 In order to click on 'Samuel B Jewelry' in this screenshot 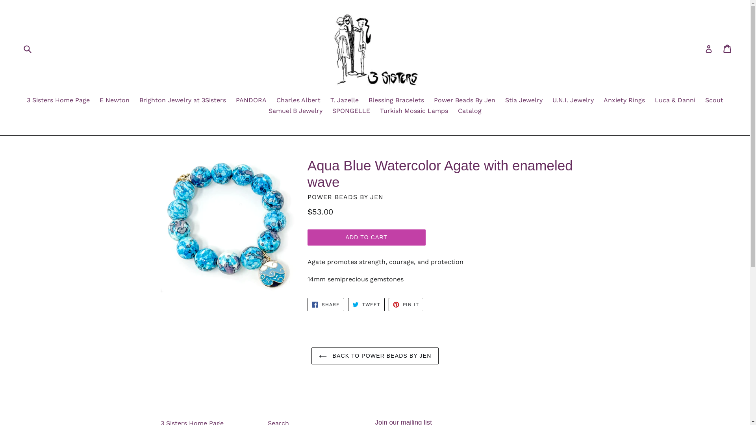, I will do `click(265, 111)`.